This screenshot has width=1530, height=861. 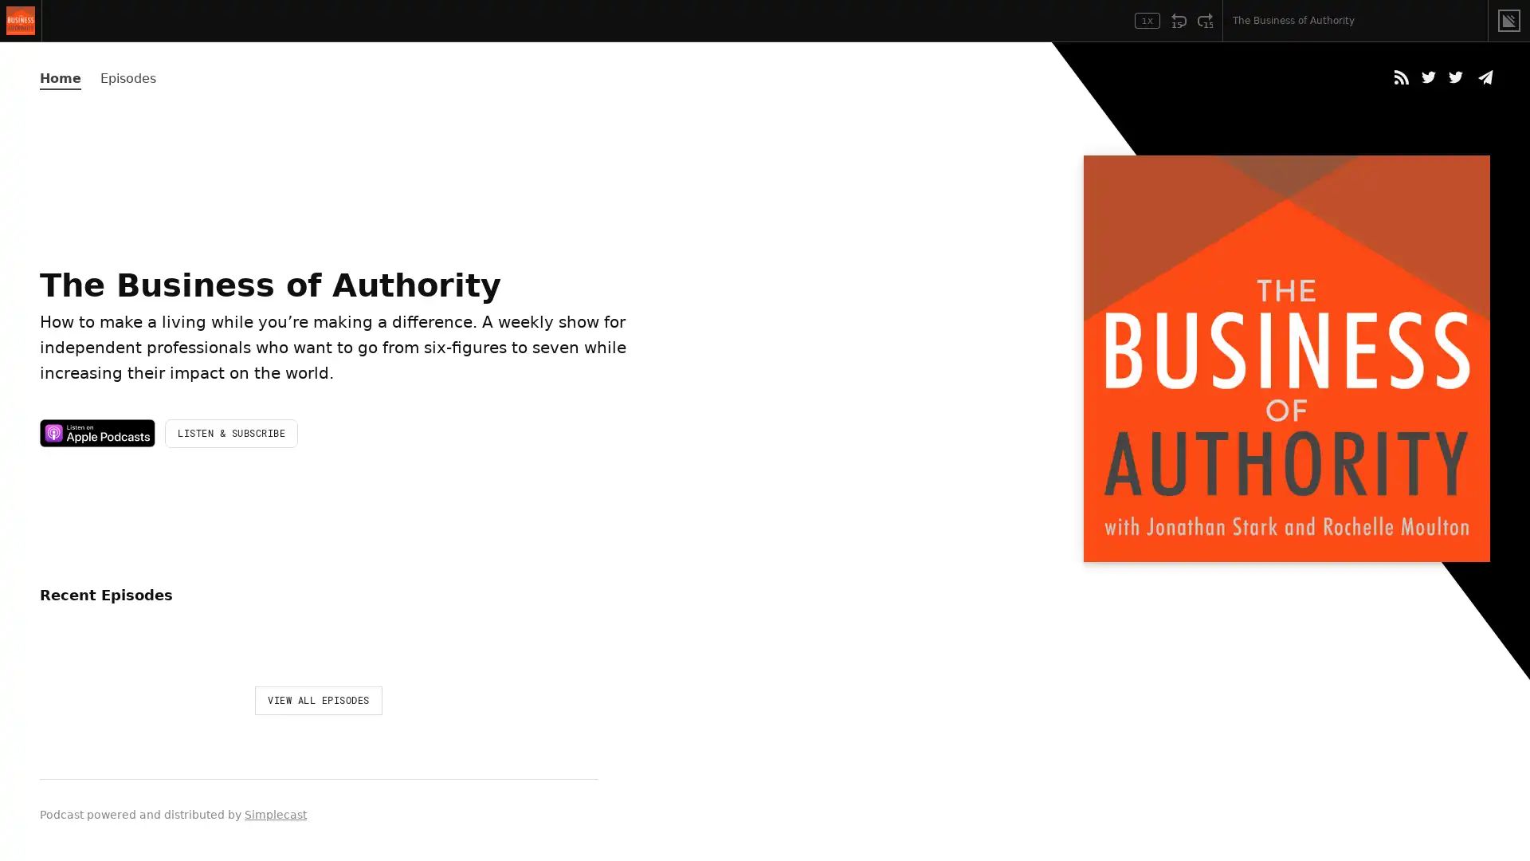 What do you see at coordinates (1147, 21) in the screenshot?
I see `Toggle Speed: Current Speed 1x` at bounding box center [1147, 21].